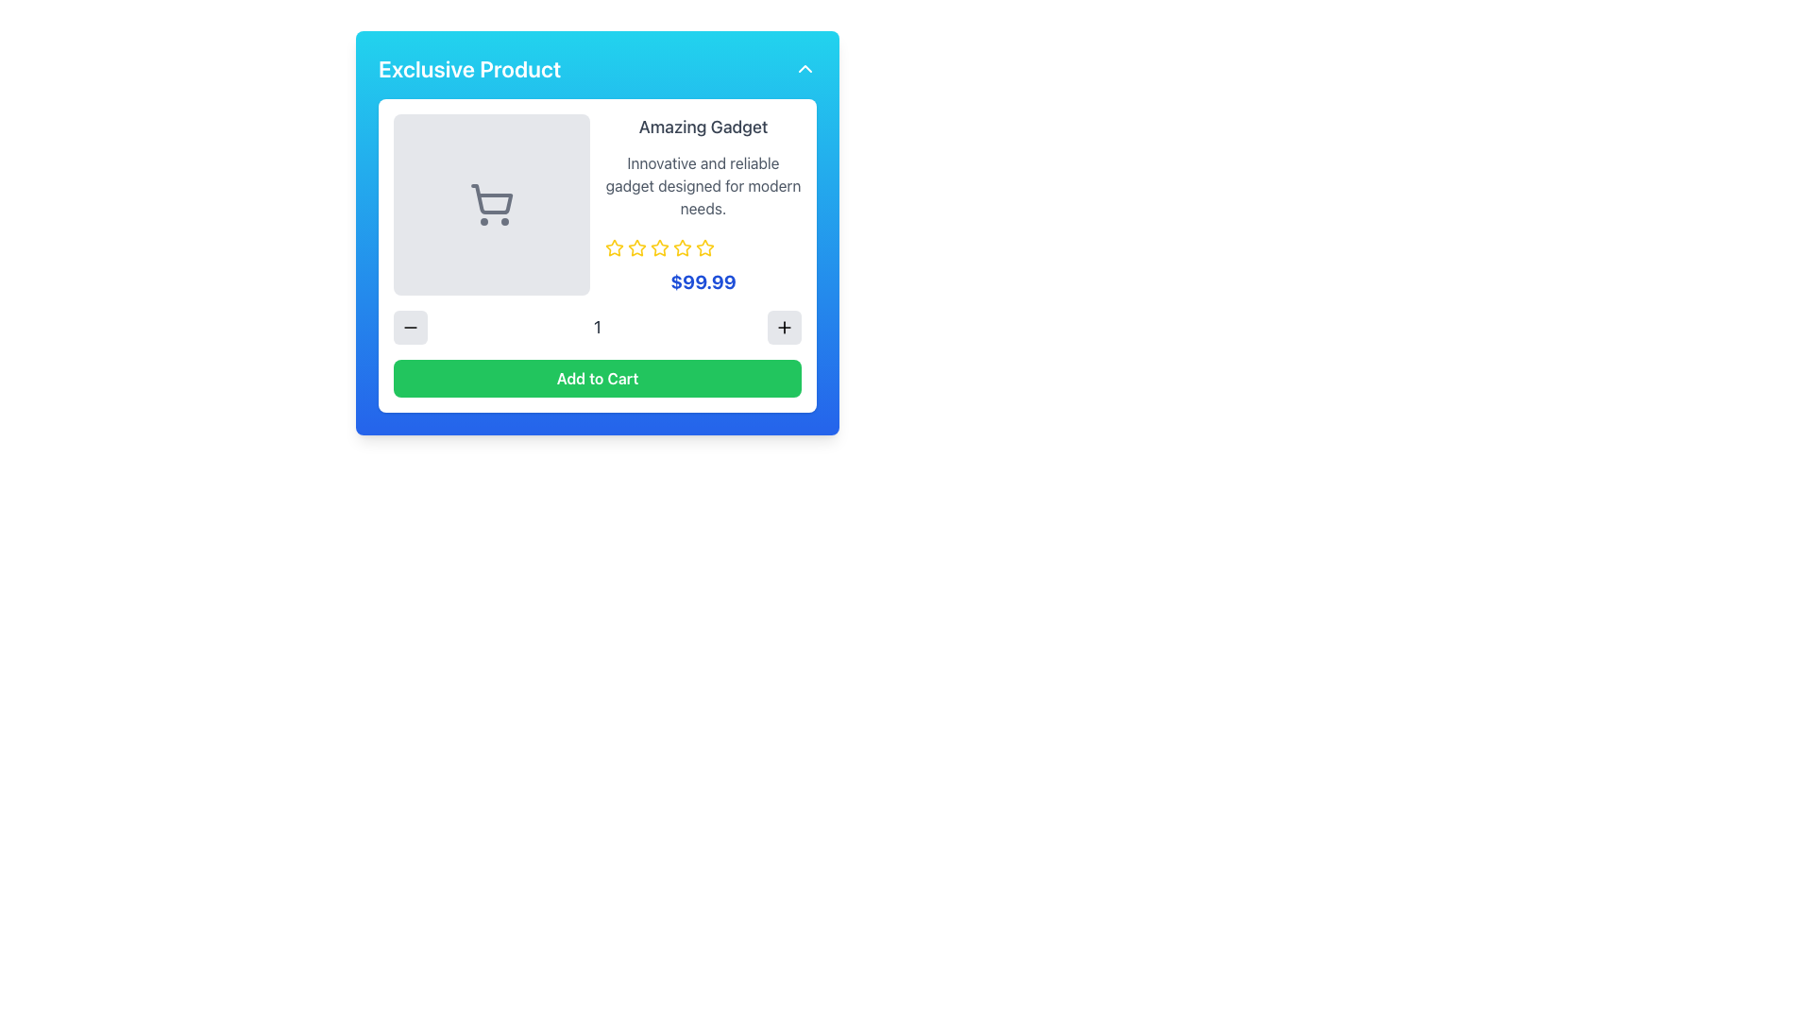 The image size is (1813, 1020). What do you see at coordinates (410, 327) in the screenshot?
I see `the decrease quantity button positioned to the left of the numeric value '1'` at bounding box center [410, 327].